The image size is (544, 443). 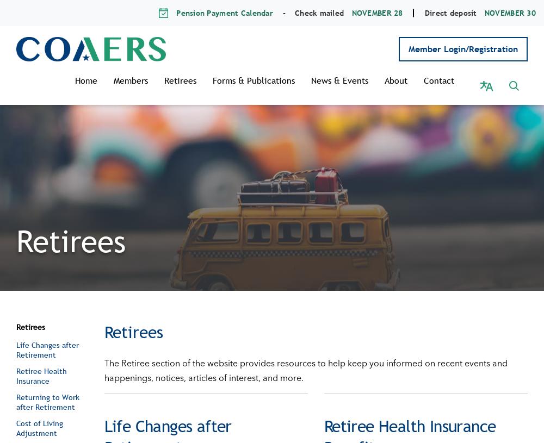 What do you see at coordinates (305, 358) in the screenshot?
I see `'The Retiree section of the website provides resources to help keep you informed on recent events and happenings, notices, articles of interest, and more.'` at bounding box center [305, 358].